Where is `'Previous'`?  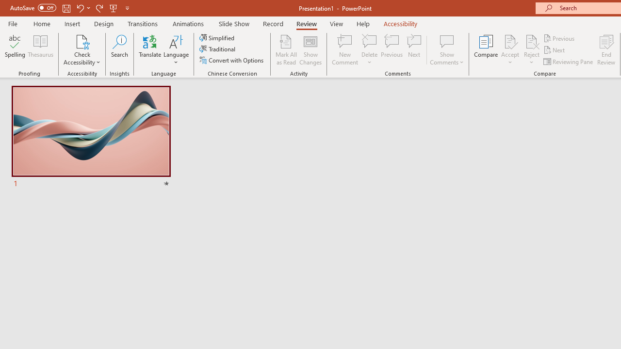 'Previous' is located at coordinates (559, 38).